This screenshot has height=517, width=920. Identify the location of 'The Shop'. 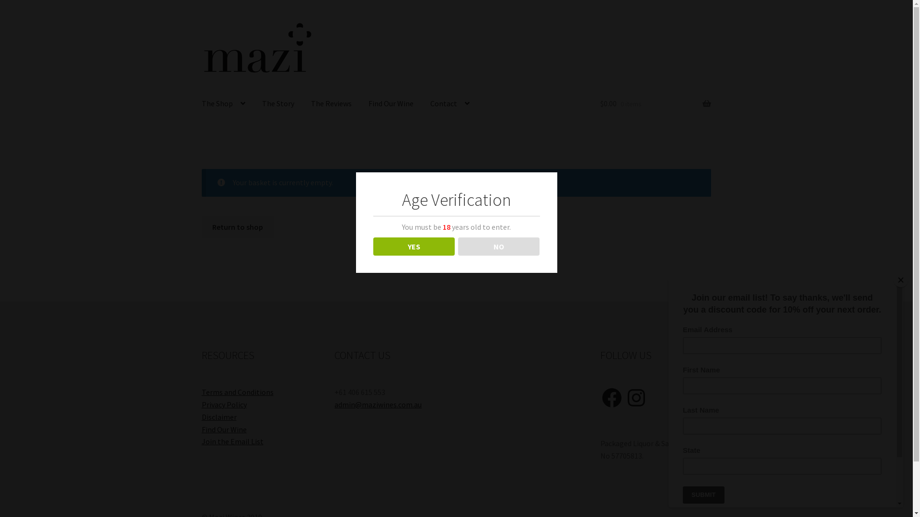
(223, 103).